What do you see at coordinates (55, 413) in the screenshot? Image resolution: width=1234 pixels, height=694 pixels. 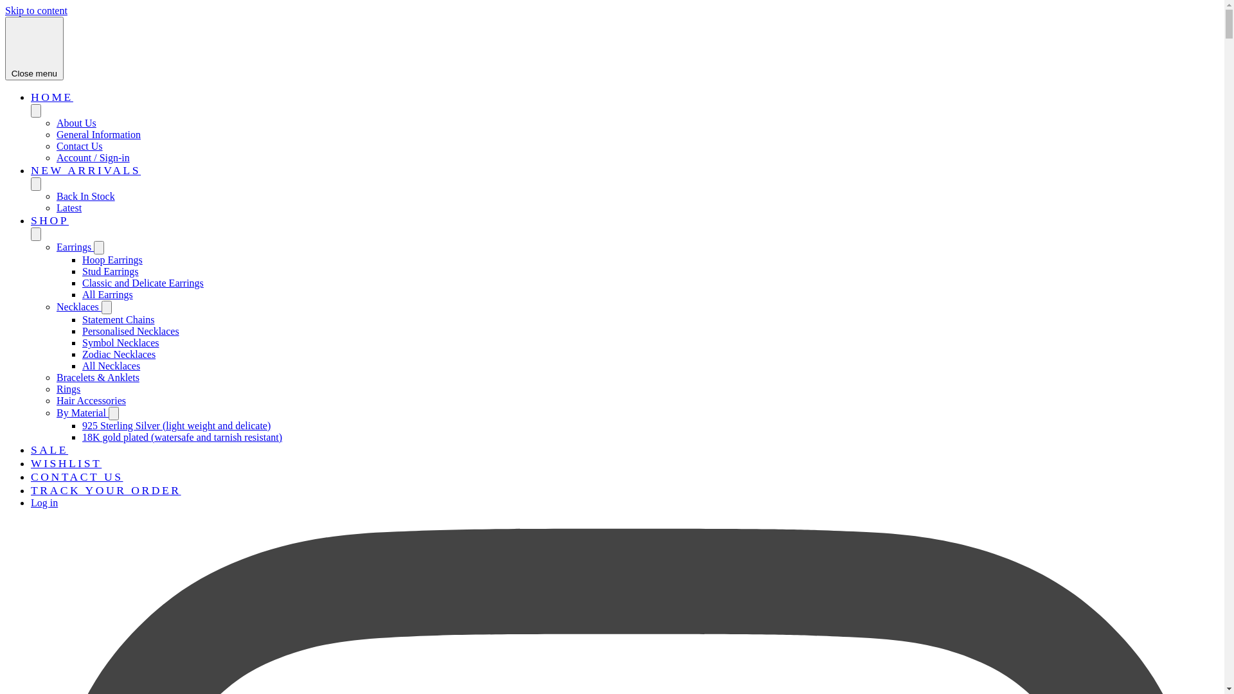 I see `'By Material'` at bounding box center [55, 413].